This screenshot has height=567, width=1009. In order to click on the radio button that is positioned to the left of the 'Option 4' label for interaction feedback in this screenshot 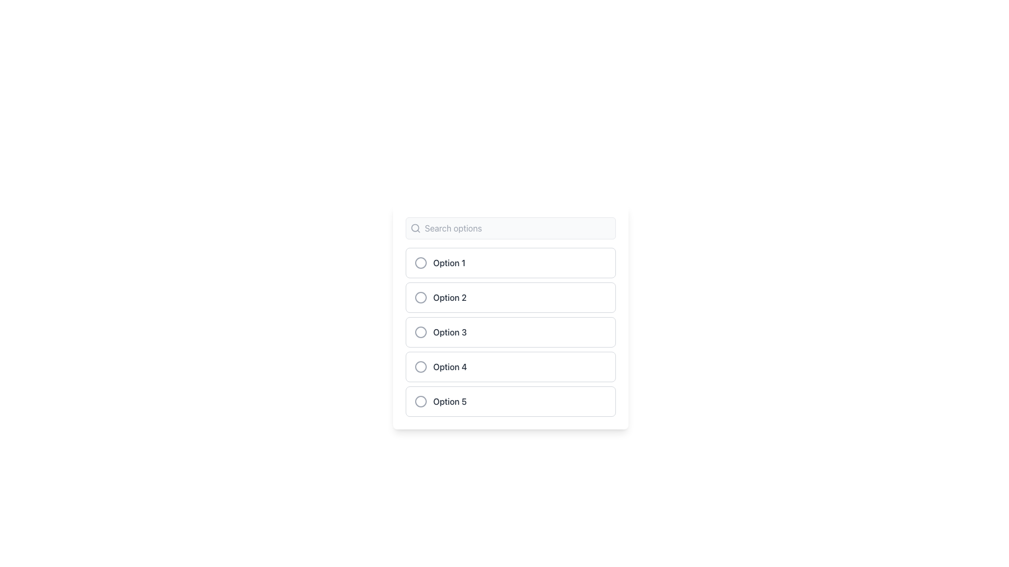, I will do `click(420, 366)`.